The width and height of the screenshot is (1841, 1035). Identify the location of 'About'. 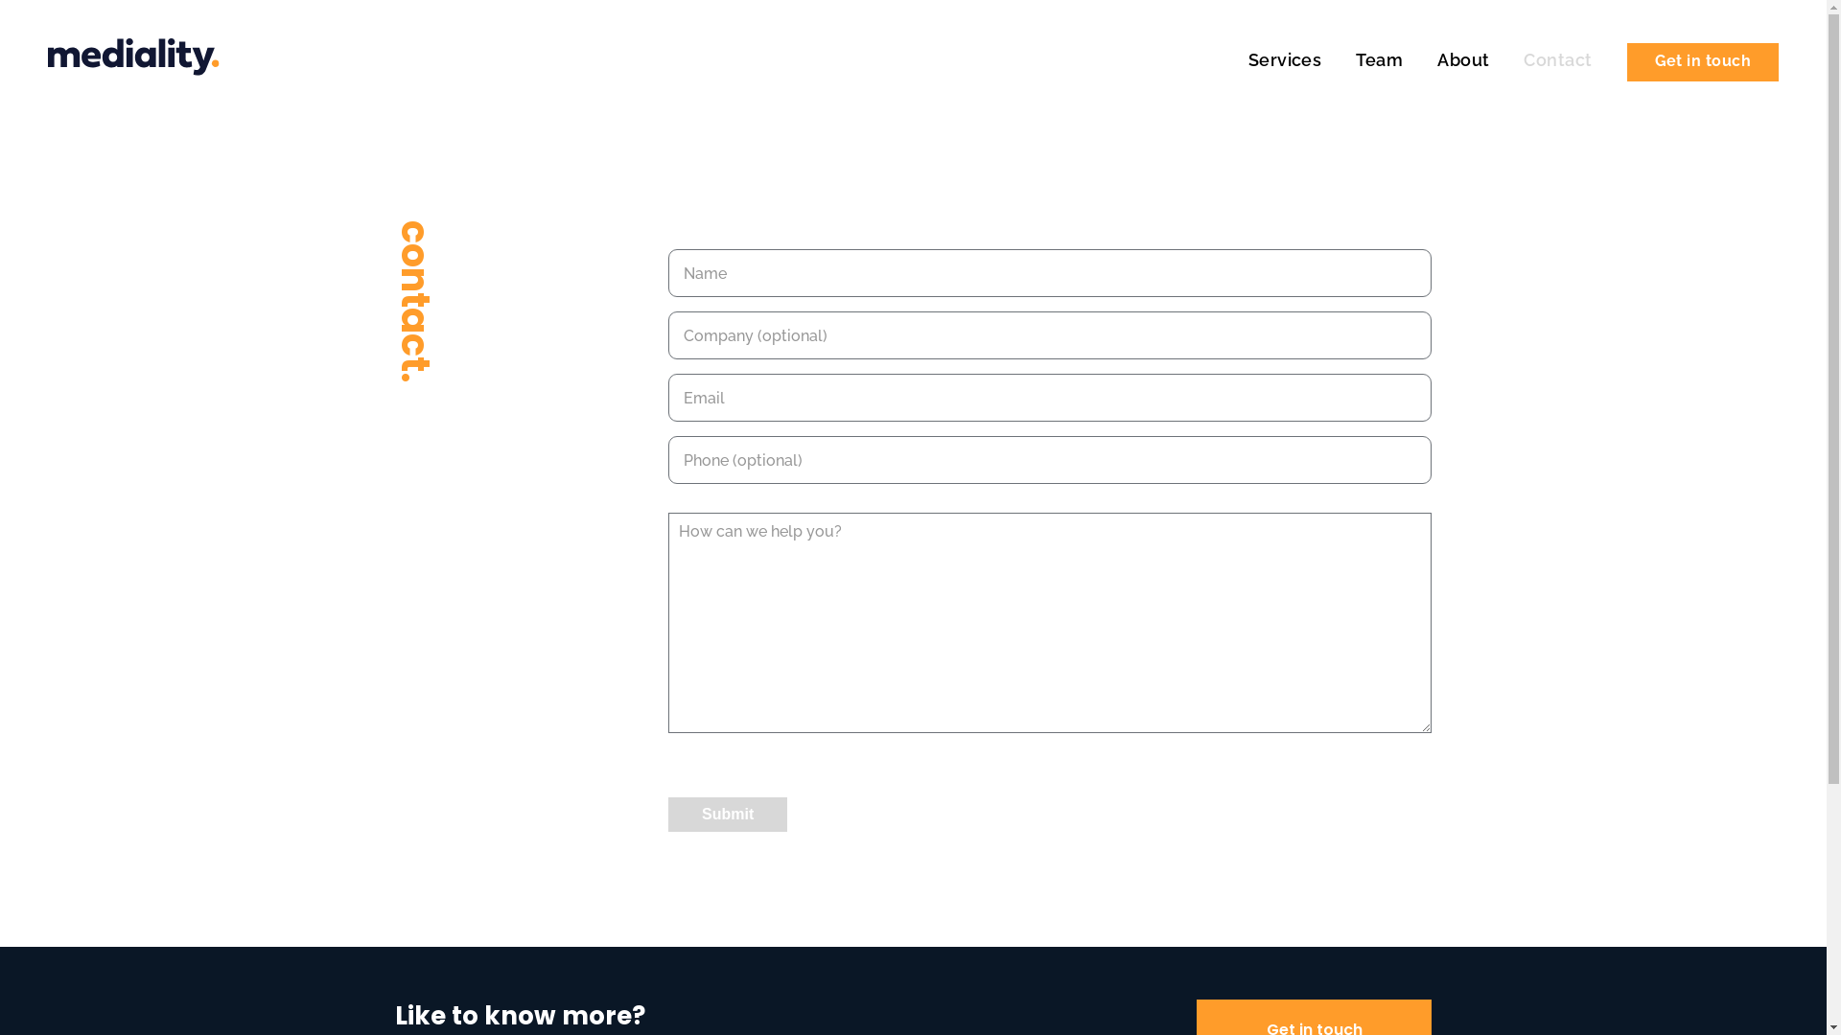
(1472, 58).